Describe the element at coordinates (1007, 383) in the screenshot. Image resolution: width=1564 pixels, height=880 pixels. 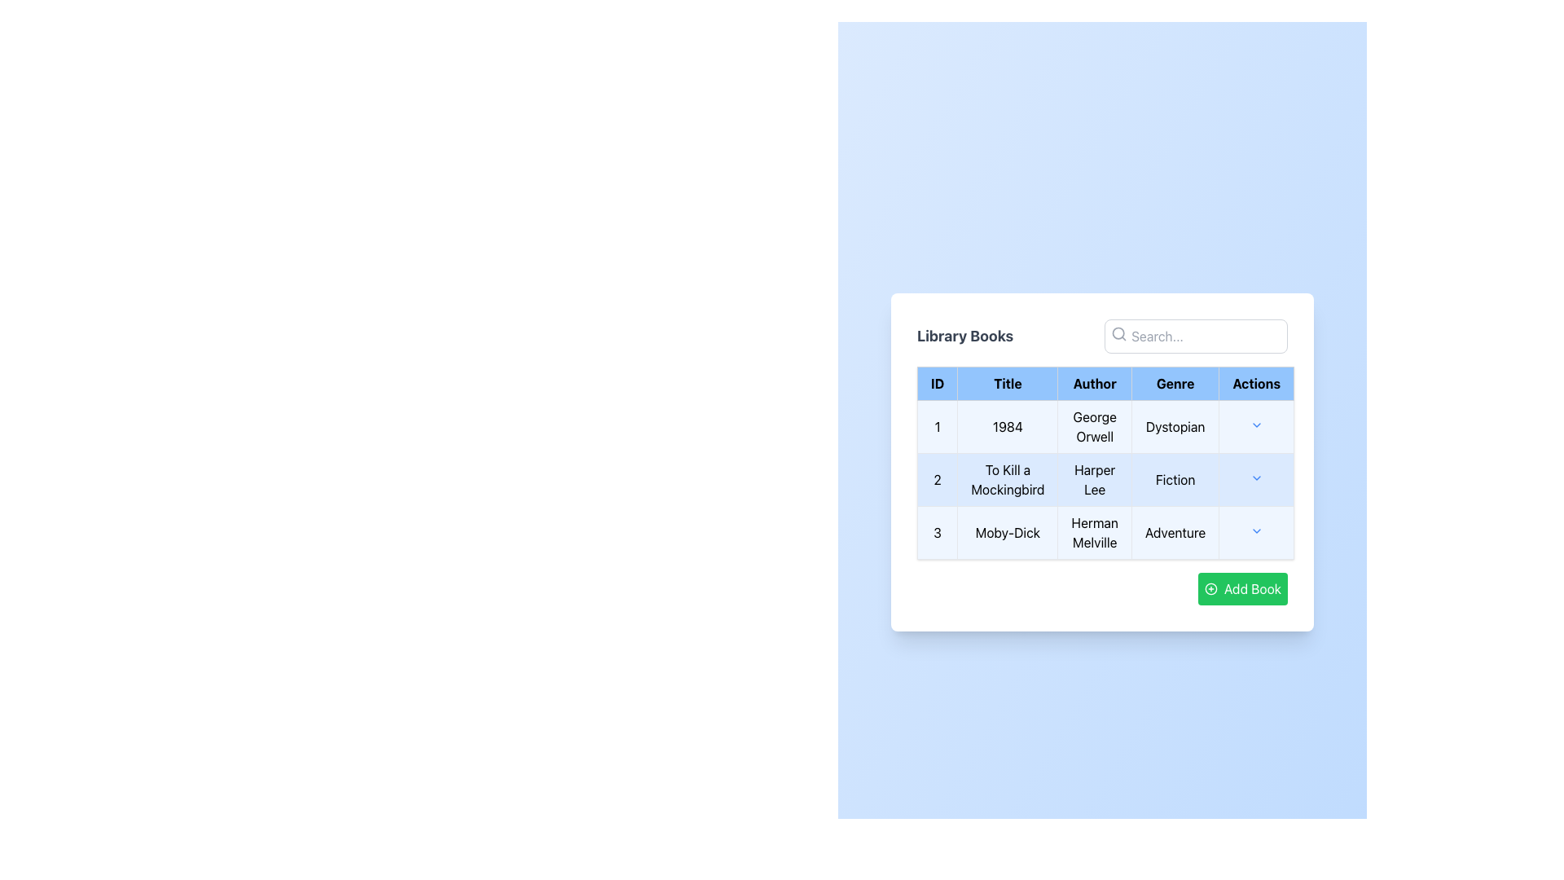
I see `the Table Header Cell for the 'Title' column in the Library Books section, located between 'ID' and 'Author'` at that location.